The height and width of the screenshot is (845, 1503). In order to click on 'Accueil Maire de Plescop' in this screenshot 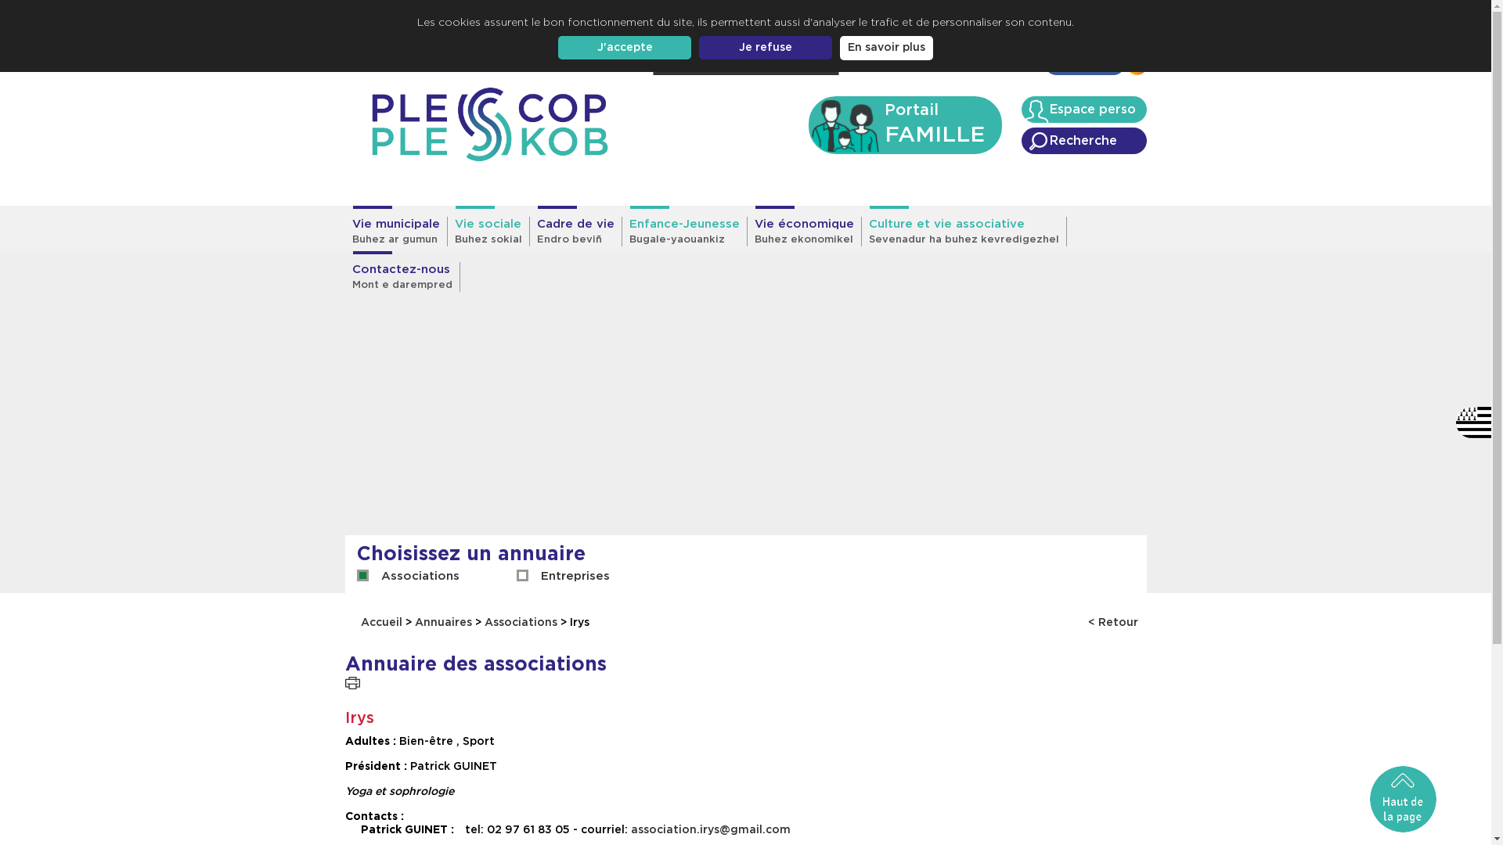, I will do `click(488, 124)`.